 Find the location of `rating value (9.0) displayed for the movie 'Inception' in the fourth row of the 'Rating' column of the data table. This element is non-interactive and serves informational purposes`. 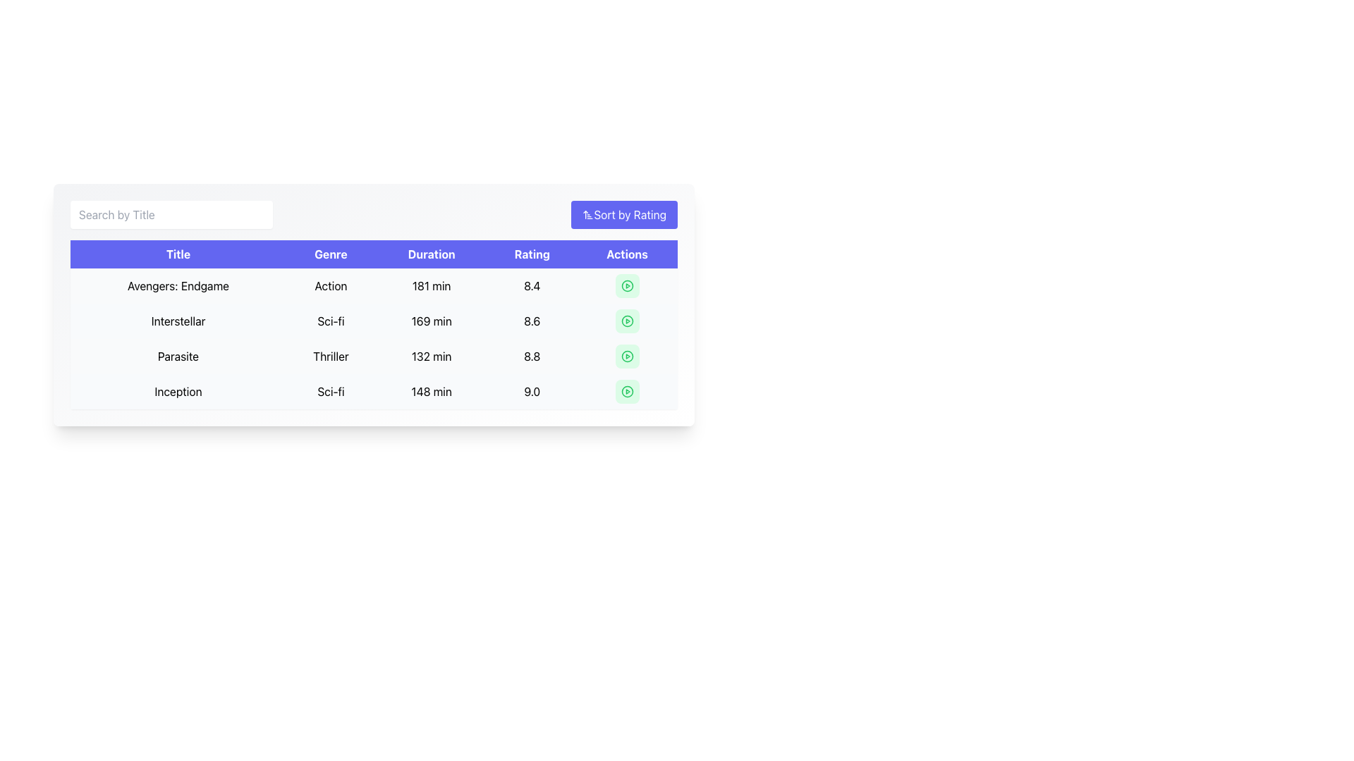

rating value (9.0) displayed for the movie 'Inception' in the fourth row of the 'Rating' column of the data table. This element is non-interactive and serves informational purposes is located at coordinates (531, 391).